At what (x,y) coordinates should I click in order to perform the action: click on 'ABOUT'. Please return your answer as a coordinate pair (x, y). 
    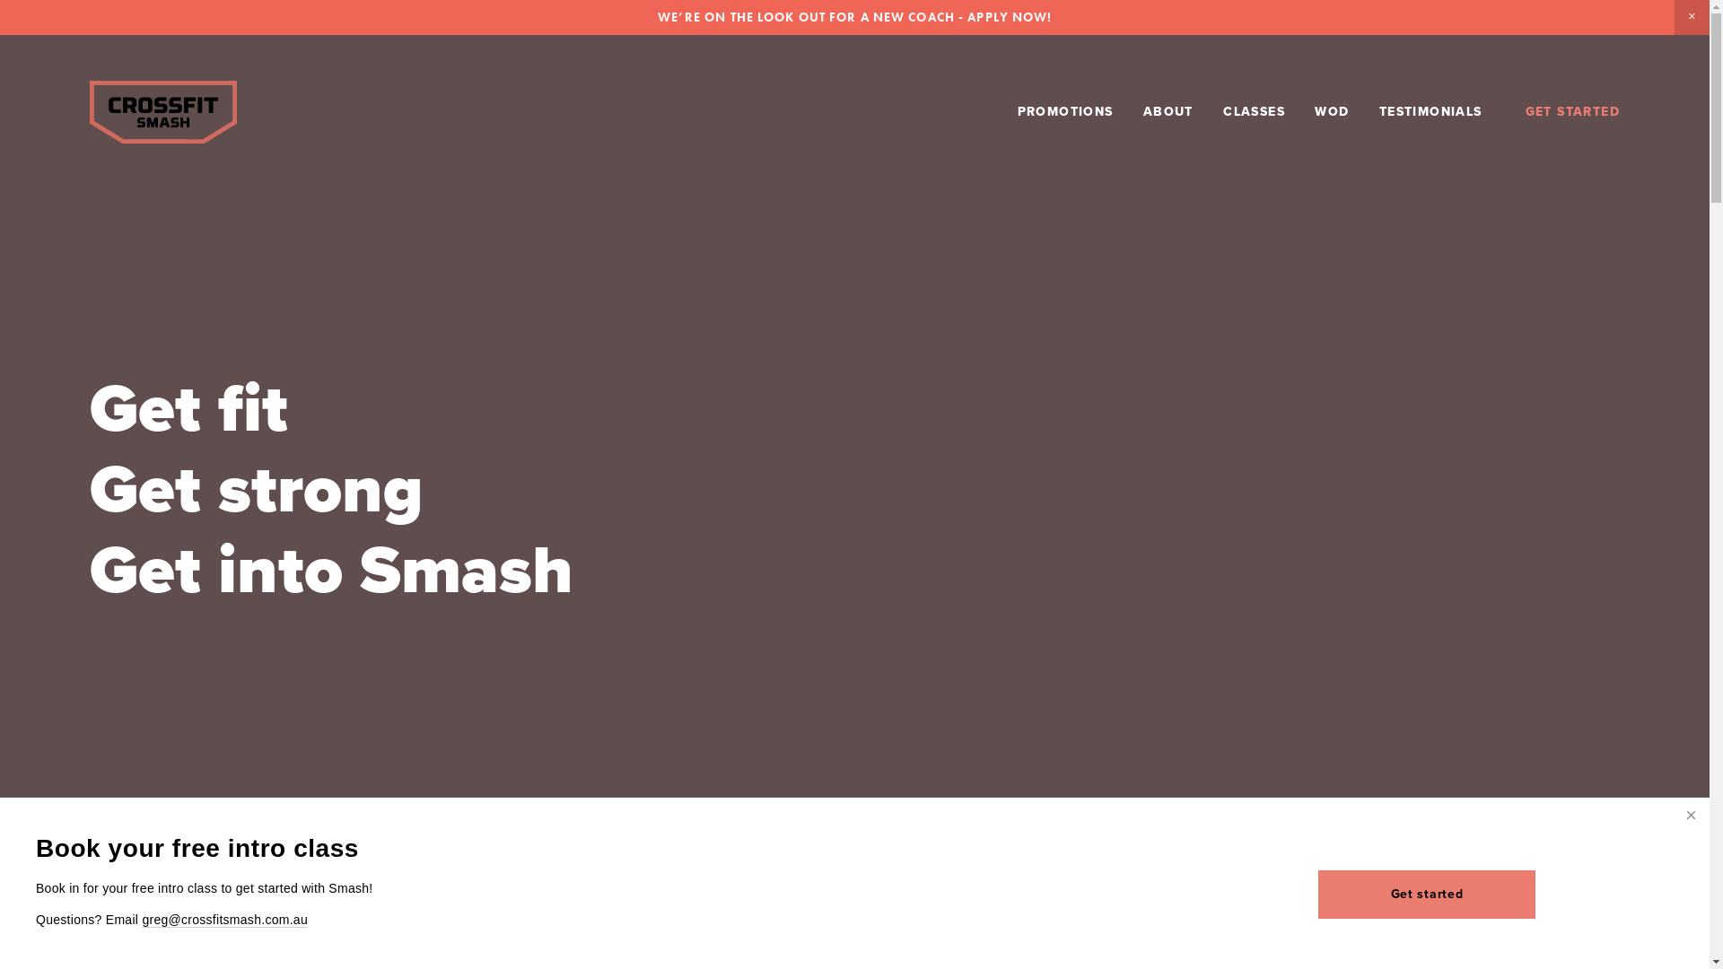
    Looking at the image, I should click on (1168, 111).